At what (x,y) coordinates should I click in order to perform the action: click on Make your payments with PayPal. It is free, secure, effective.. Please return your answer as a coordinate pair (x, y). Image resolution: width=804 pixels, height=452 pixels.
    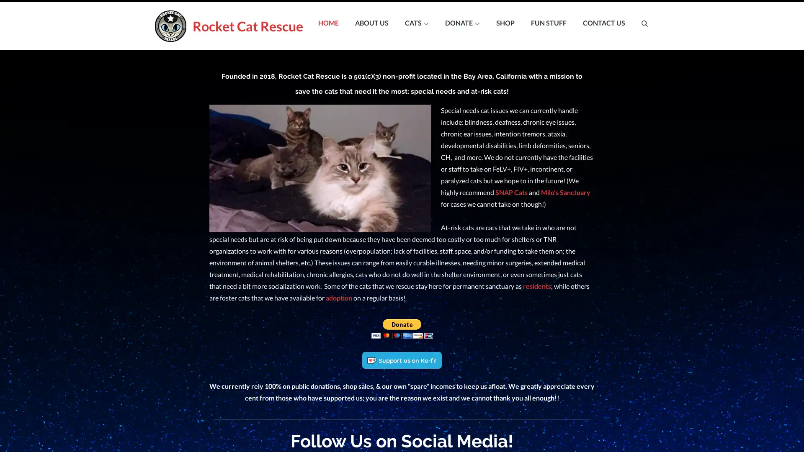
    Looking at the image, I should click on (401, 324).